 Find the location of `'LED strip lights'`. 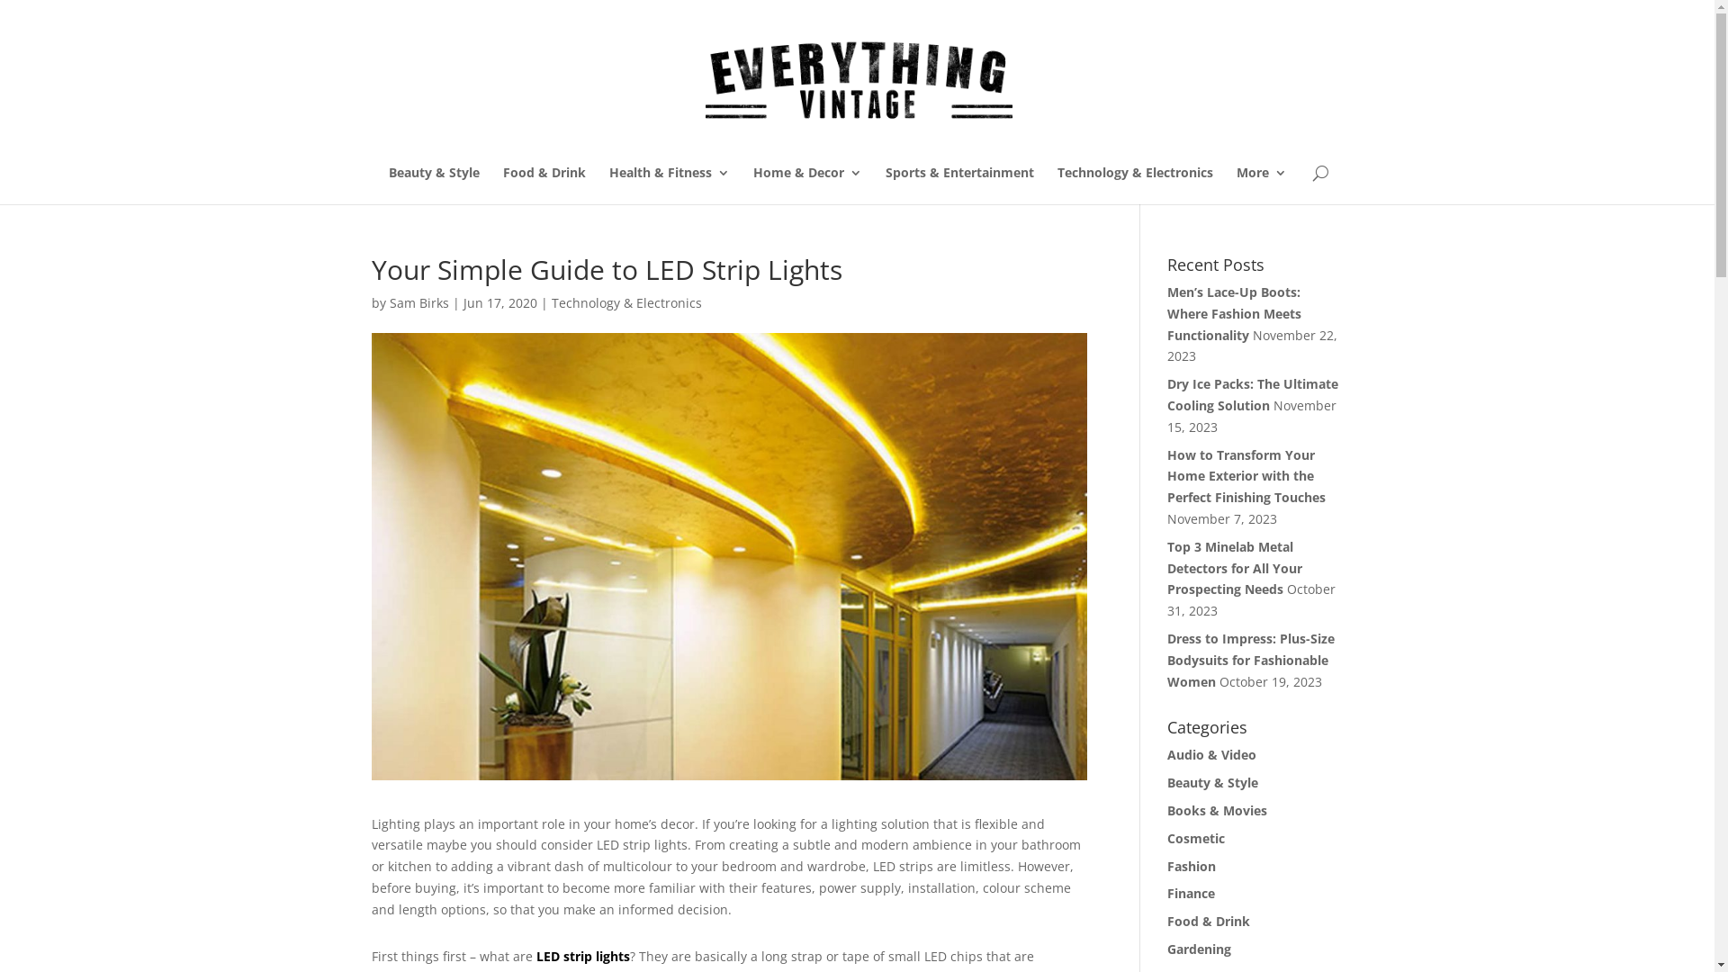

'LED strip lights' is located at coordinates (583, 955).